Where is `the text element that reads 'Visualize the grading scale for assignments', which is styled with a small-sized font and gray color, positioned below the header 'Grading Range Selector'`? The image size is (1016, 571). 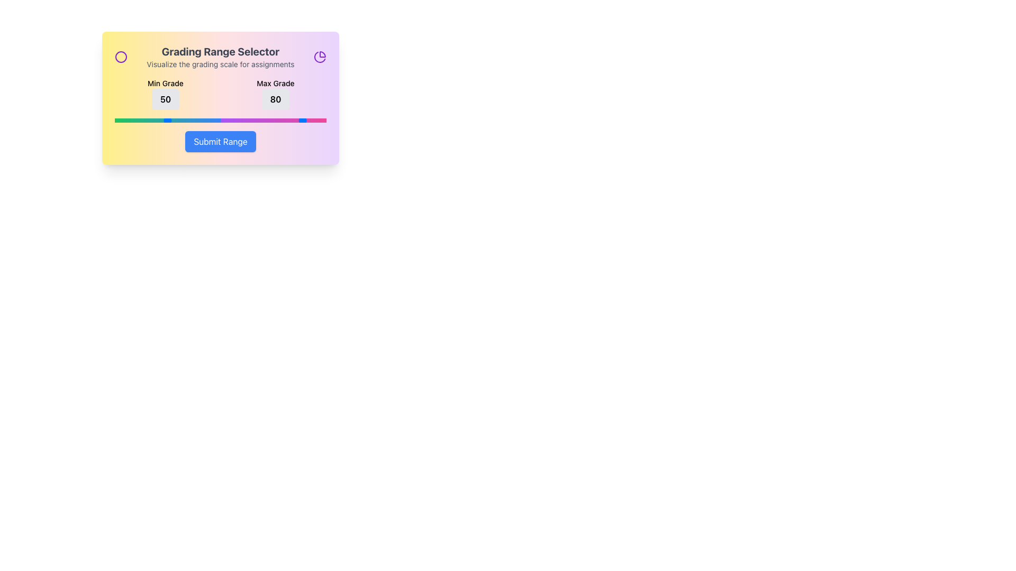 the text element that reads 'Visualize the grading scale for assignments', which is styled with a small-sized font and gray color, positioned below the header 'Grading Range Selector' is located at coordinates (220, 65).